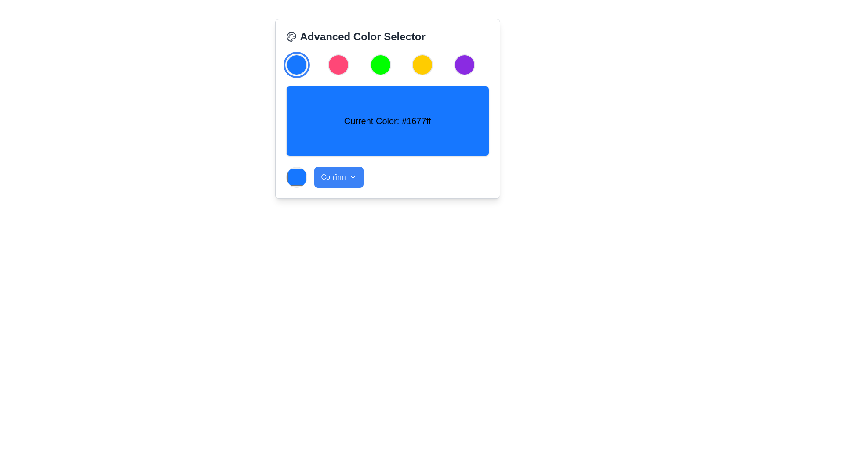 This screenshot has width=844, height=474. What do you see at coordinates (333, 177) in the screenshot?
I see `the 'Confirm' text label within the blue rectangular button` at bounding box center [333, 177].